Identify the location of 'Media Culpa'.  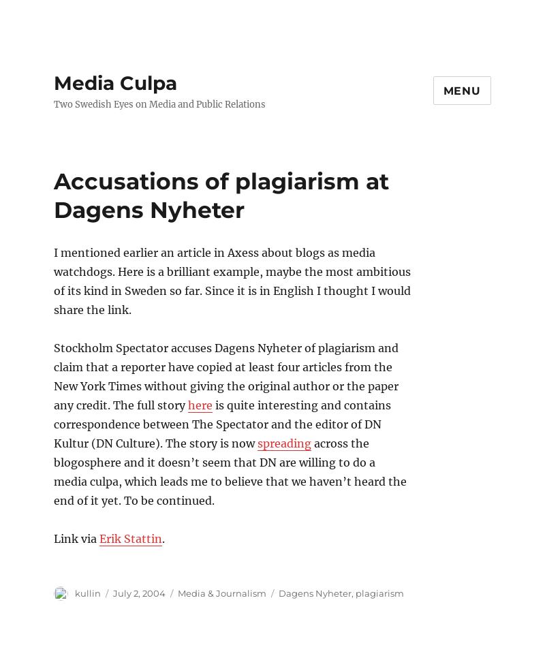
(114, 83).